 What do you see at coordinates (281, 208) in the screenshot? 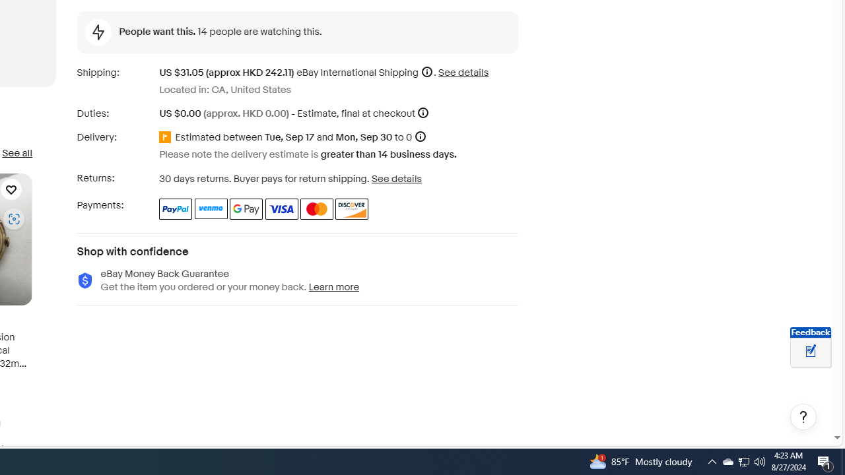
I see `'Visa'` at bounding box center [281, 208].